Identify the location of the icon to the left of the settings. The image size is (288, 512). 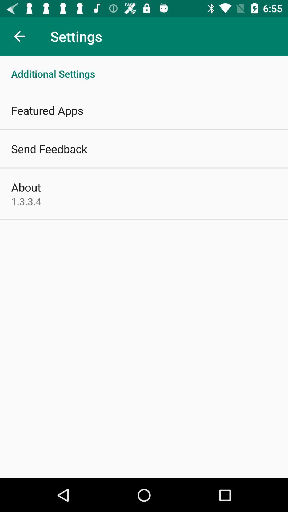
(19, 36).